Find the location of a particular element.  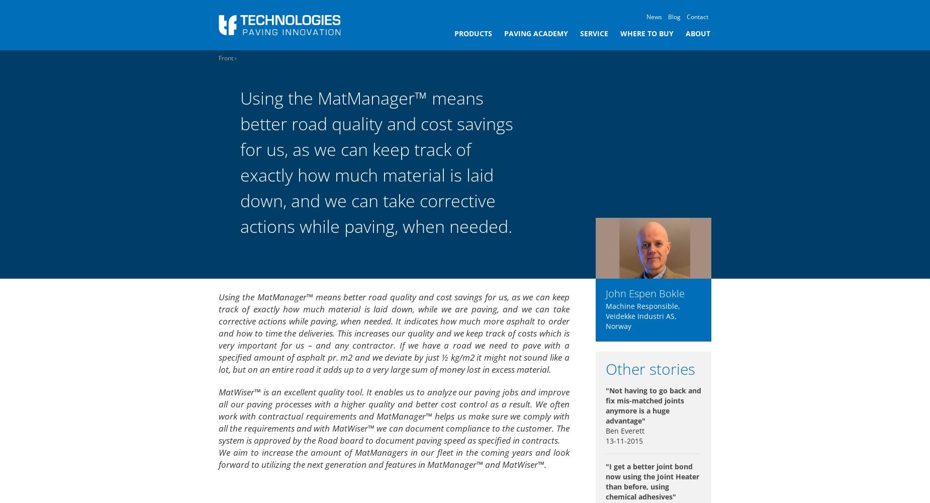

'We aim to increase the amount of MatManagers in our fleet in the coming years and look forward to utilizing the next generation and features in MatManager™ and MatWiser™.' is located at coordinates (394, 458).